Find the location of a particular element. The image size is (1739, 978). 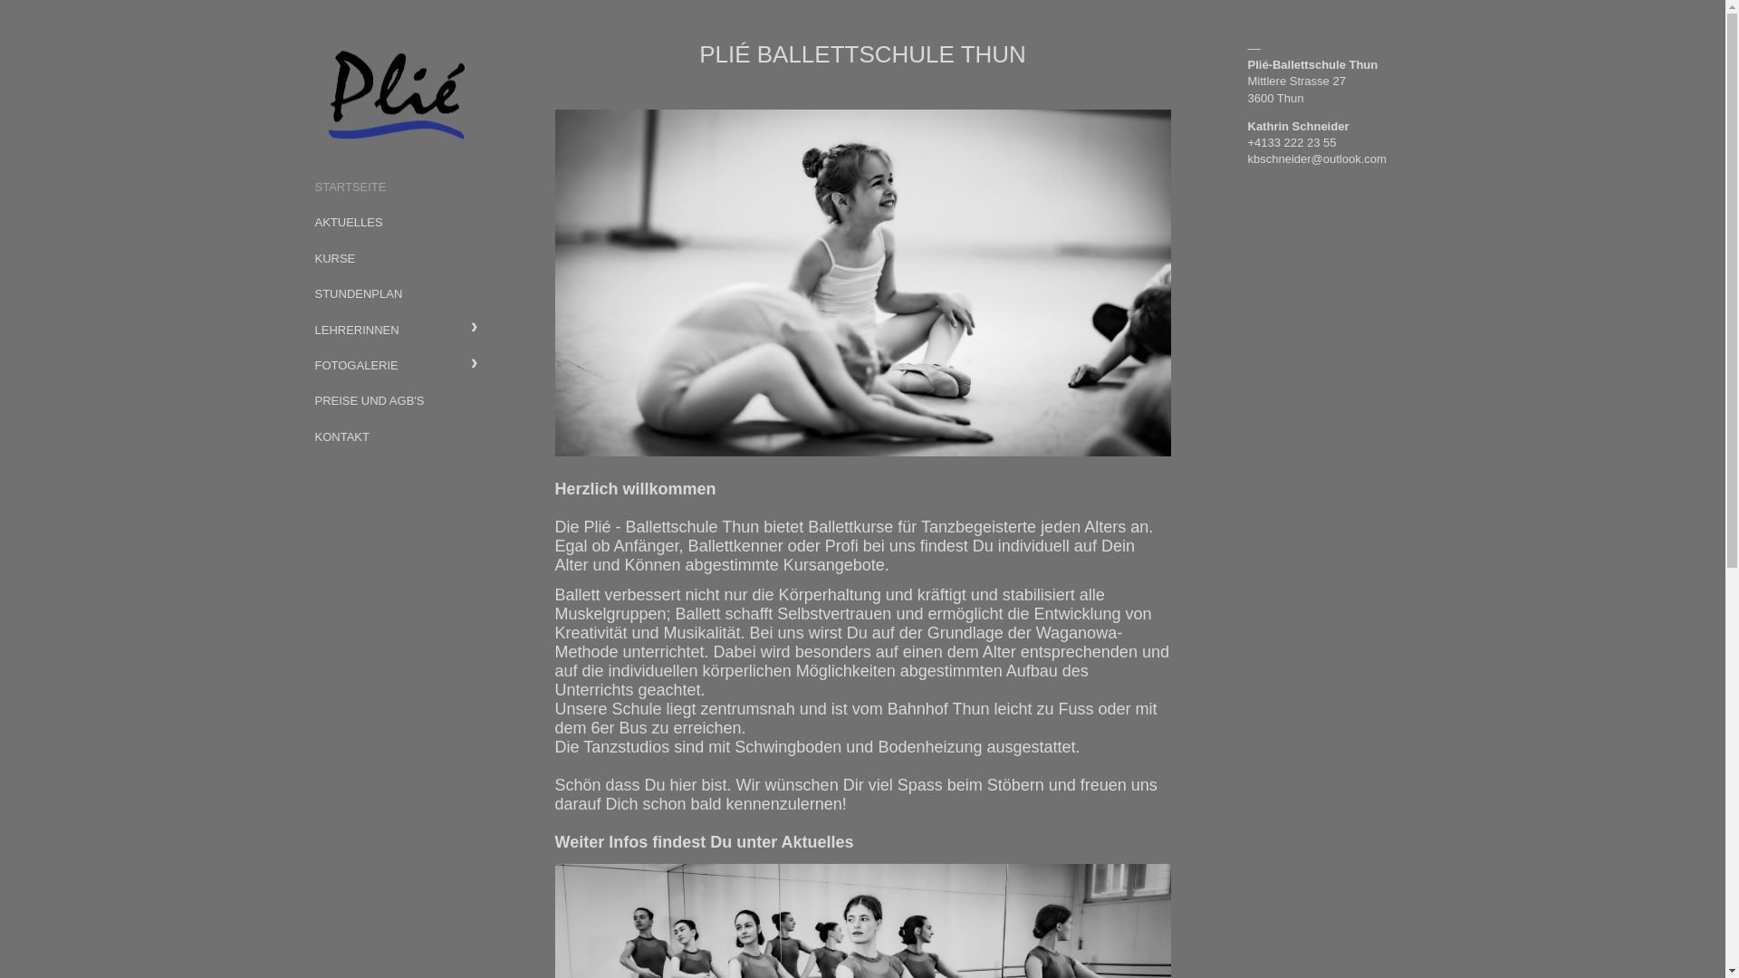

'FOTOGALERIE' is located at coordinates (394, 364).